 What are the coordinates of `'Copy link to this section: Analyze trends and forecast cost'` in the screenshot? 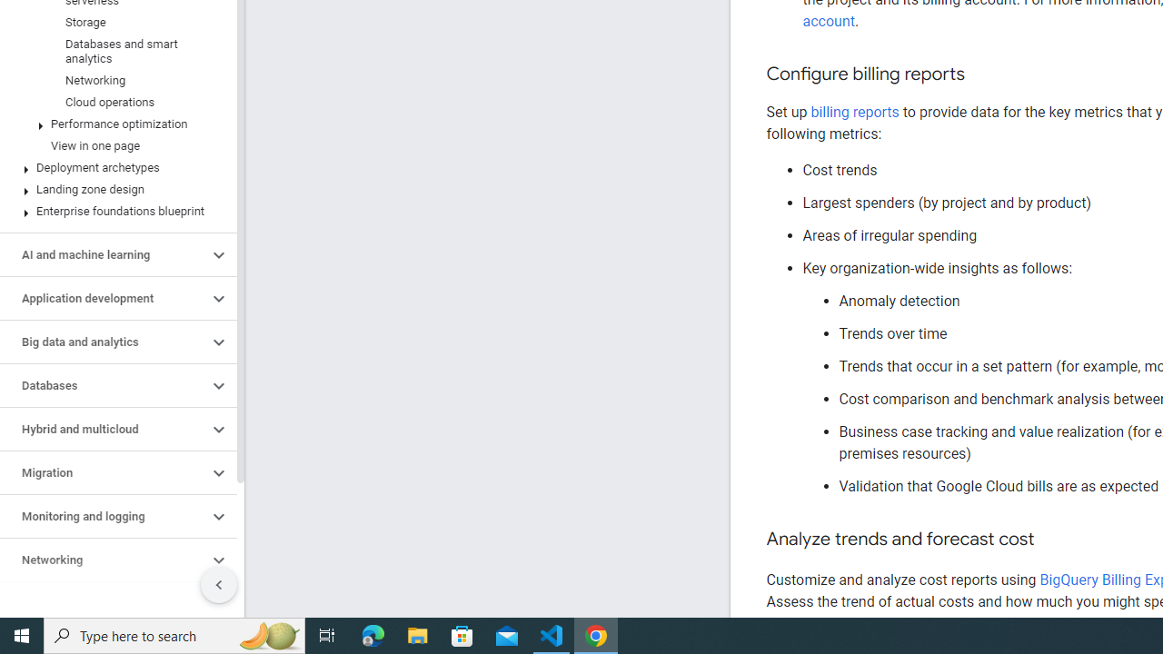 It's located at (1052, 539).